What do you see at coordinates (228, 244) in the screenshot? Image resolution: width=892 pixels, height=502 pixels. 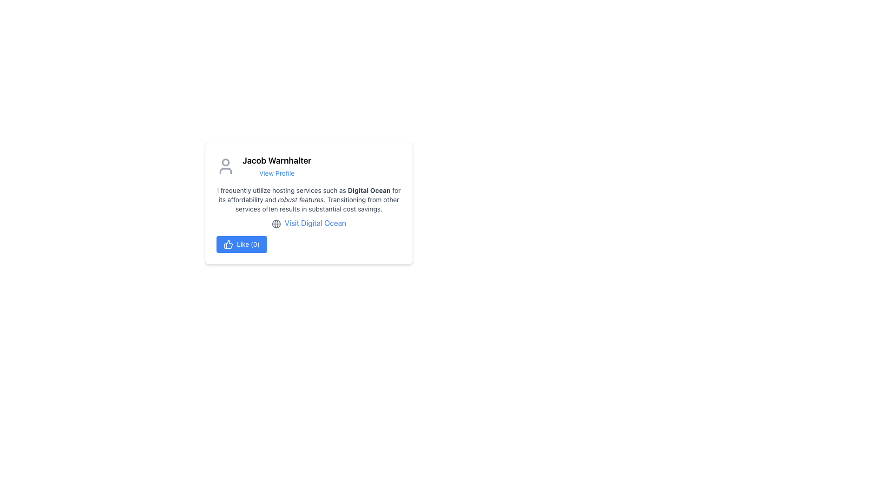 I see `the light blue thumbs-up graphical icon located in the bottom-left section of the profile card under the text 'Like (0)'` at bounding box center [228, 244].